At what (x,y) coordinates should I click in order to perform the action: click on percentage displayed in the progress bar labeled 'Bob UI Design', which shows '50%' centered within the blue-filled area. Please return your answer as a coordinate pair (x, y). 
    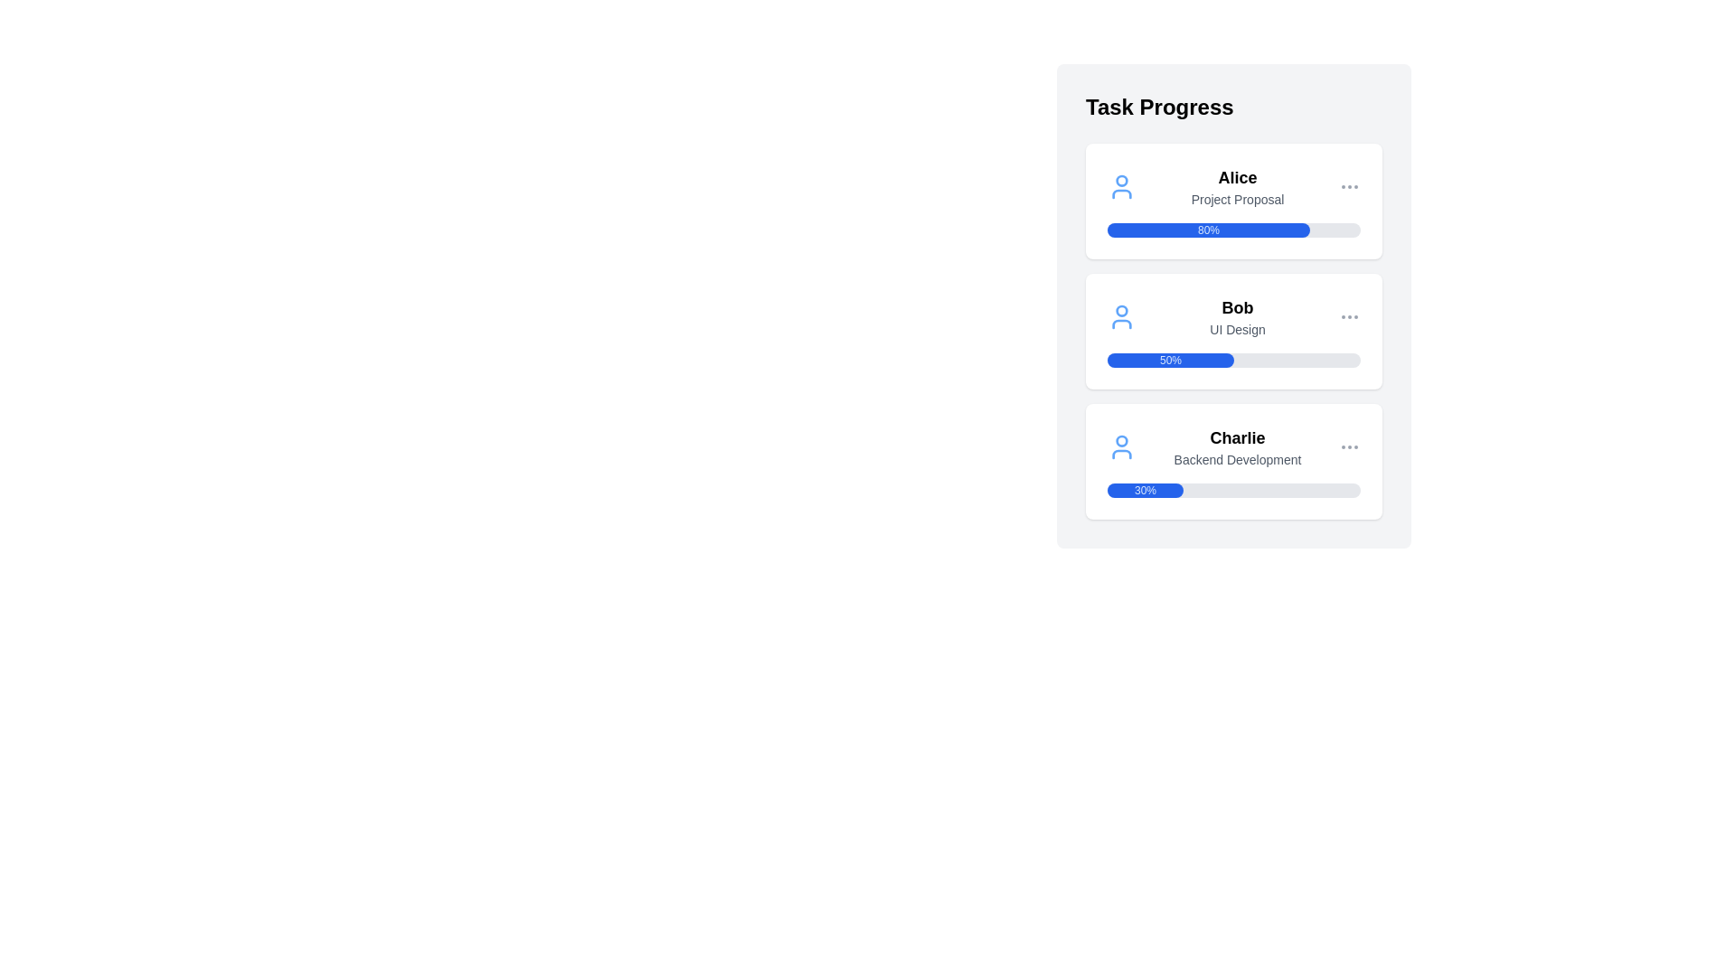
    Looking at the image, I should click on (1171, 360).